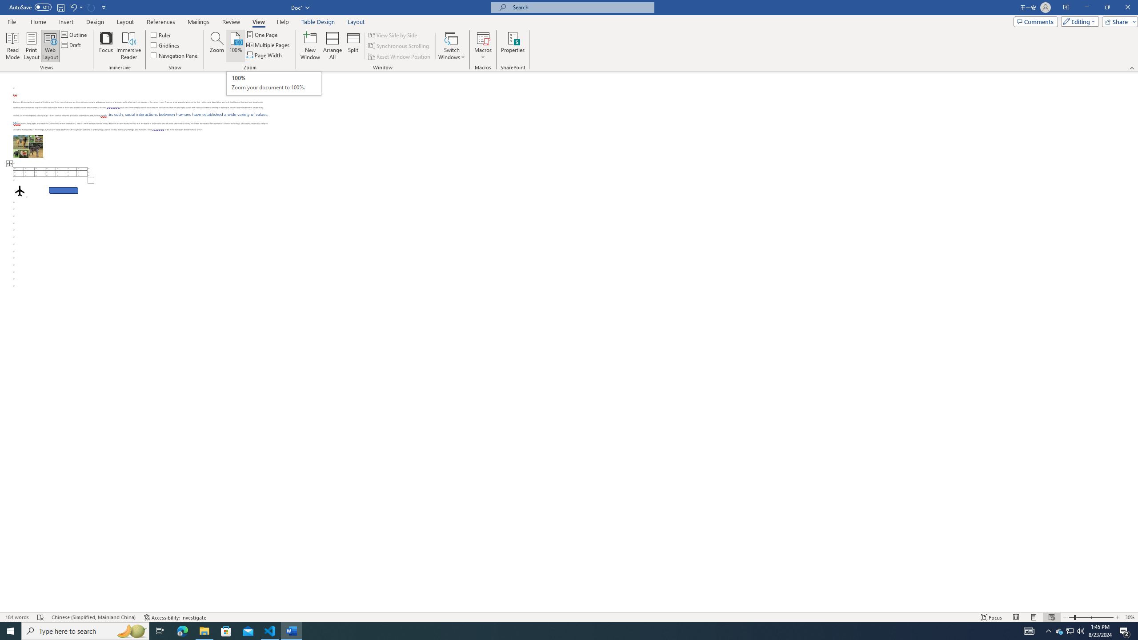 This screenshot has width=1138, height=640. Describe the element at coordinates (332, 46) in the screenshot. I see `'Arrange All'` at that location.